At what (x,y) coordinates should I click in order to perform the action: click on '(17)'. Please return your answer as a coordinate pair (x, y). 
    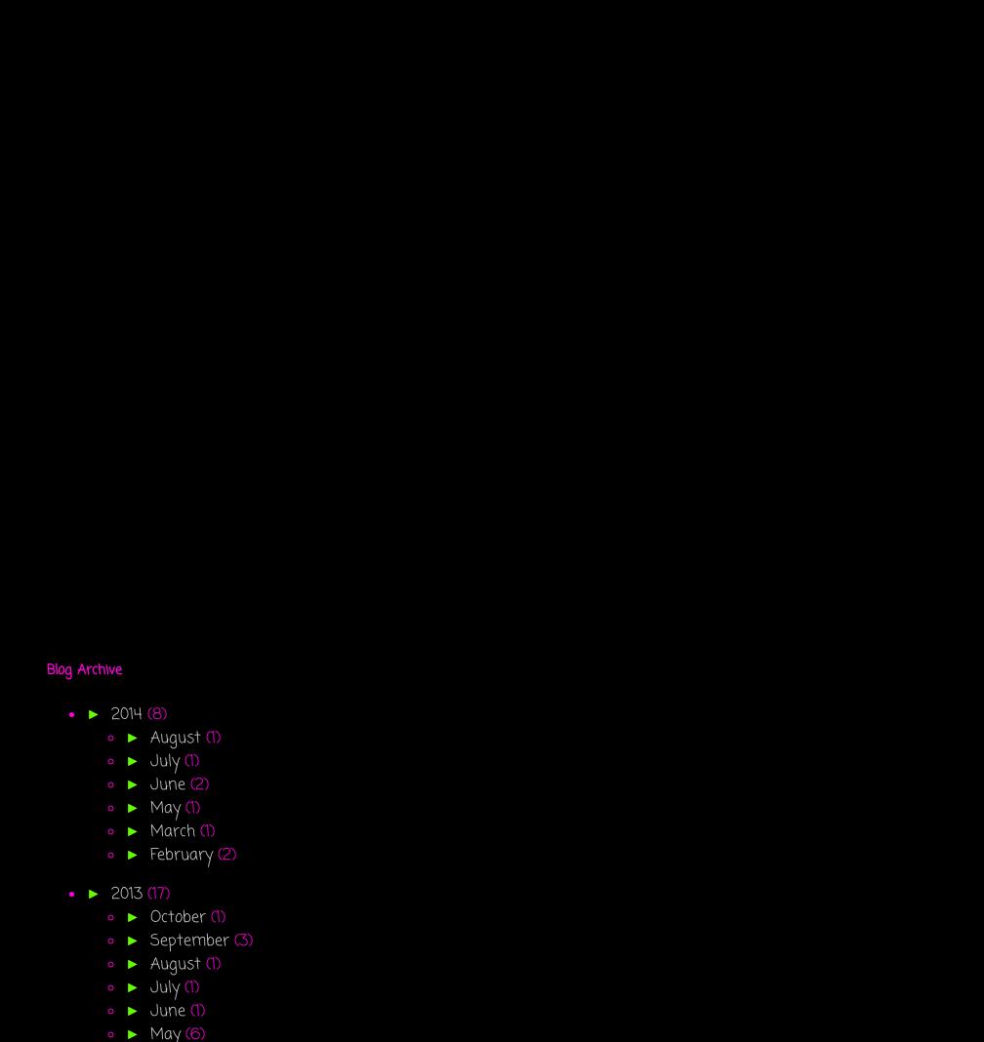
    Looking at the image, I should click on (157, 893).